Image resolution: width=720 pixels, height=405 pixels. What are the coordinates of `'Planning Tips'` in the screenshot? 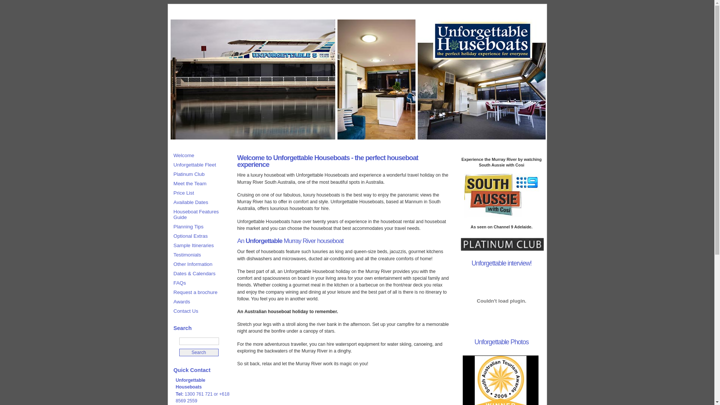 It's located at (169, 226).